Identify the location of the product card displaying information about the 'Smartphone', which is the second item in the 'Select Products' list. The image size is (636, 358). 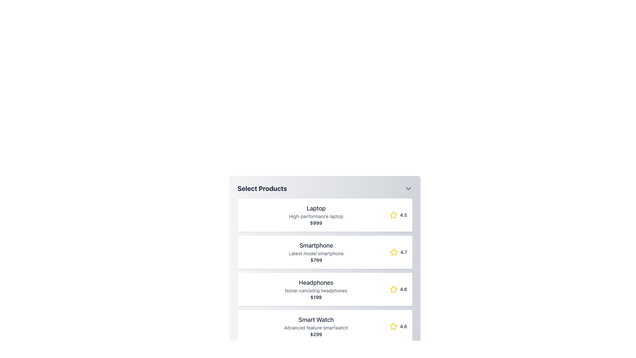
(325, 252).